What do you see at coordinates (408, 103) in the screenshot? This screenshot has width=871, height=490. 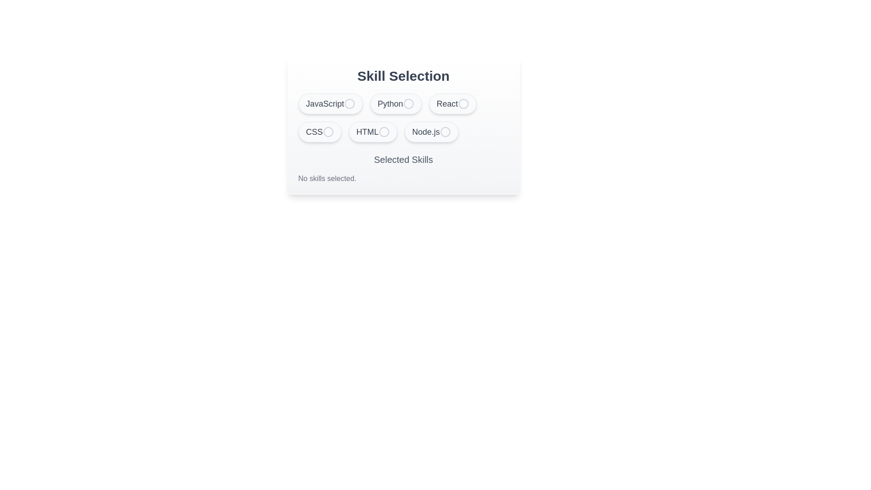 I see `the circular radio button indicator next to the 'Python' skill label` at bounding box center [408, 103].